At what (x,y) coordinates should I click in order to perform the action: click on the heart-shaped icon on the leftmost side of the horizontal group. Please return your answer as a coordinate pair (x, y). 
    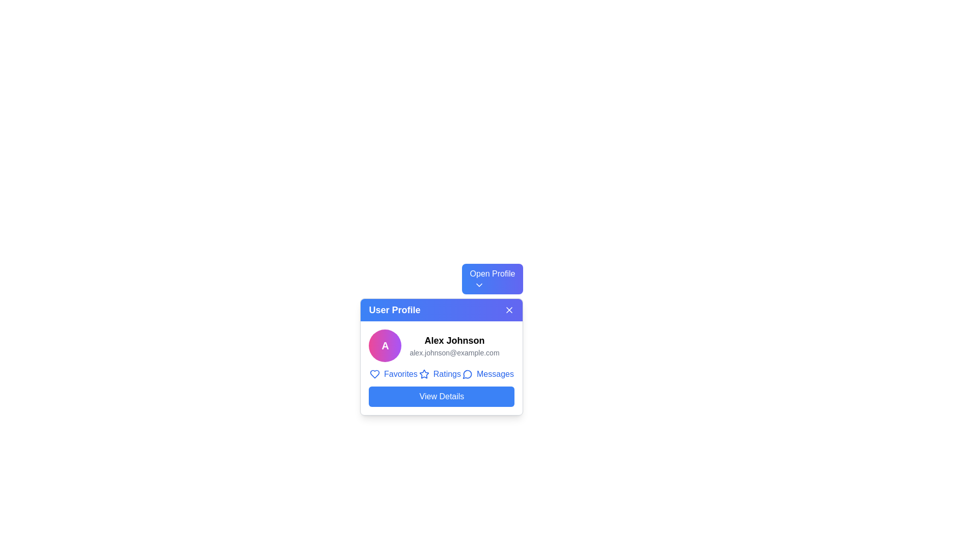
    Looking at the image, I should click on (374, 374).